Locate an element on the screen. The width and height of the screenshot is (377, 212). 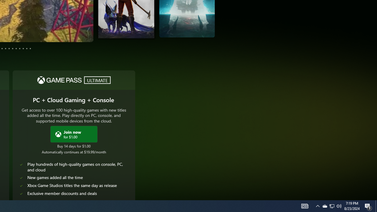
'Page 12' is located at coordinates (30, 48).